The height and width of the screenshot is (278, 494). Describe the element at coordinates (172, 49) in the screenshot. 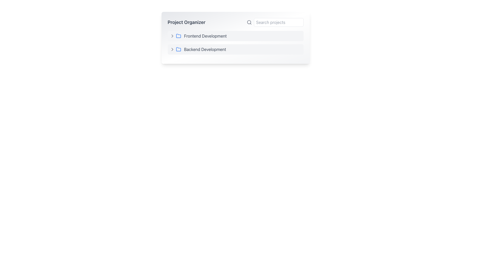

I see `the Chevron icon` at that location.